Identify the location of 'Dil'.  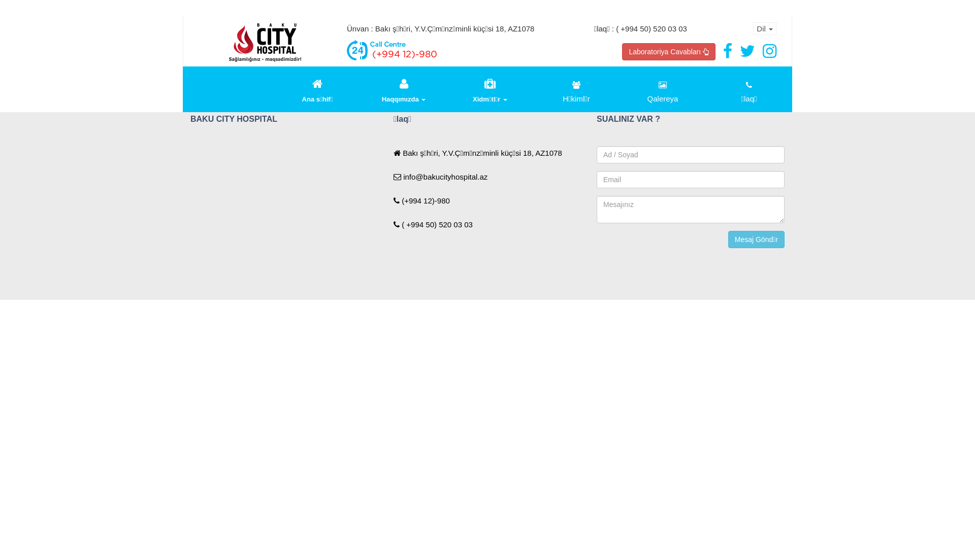
(753, 28).